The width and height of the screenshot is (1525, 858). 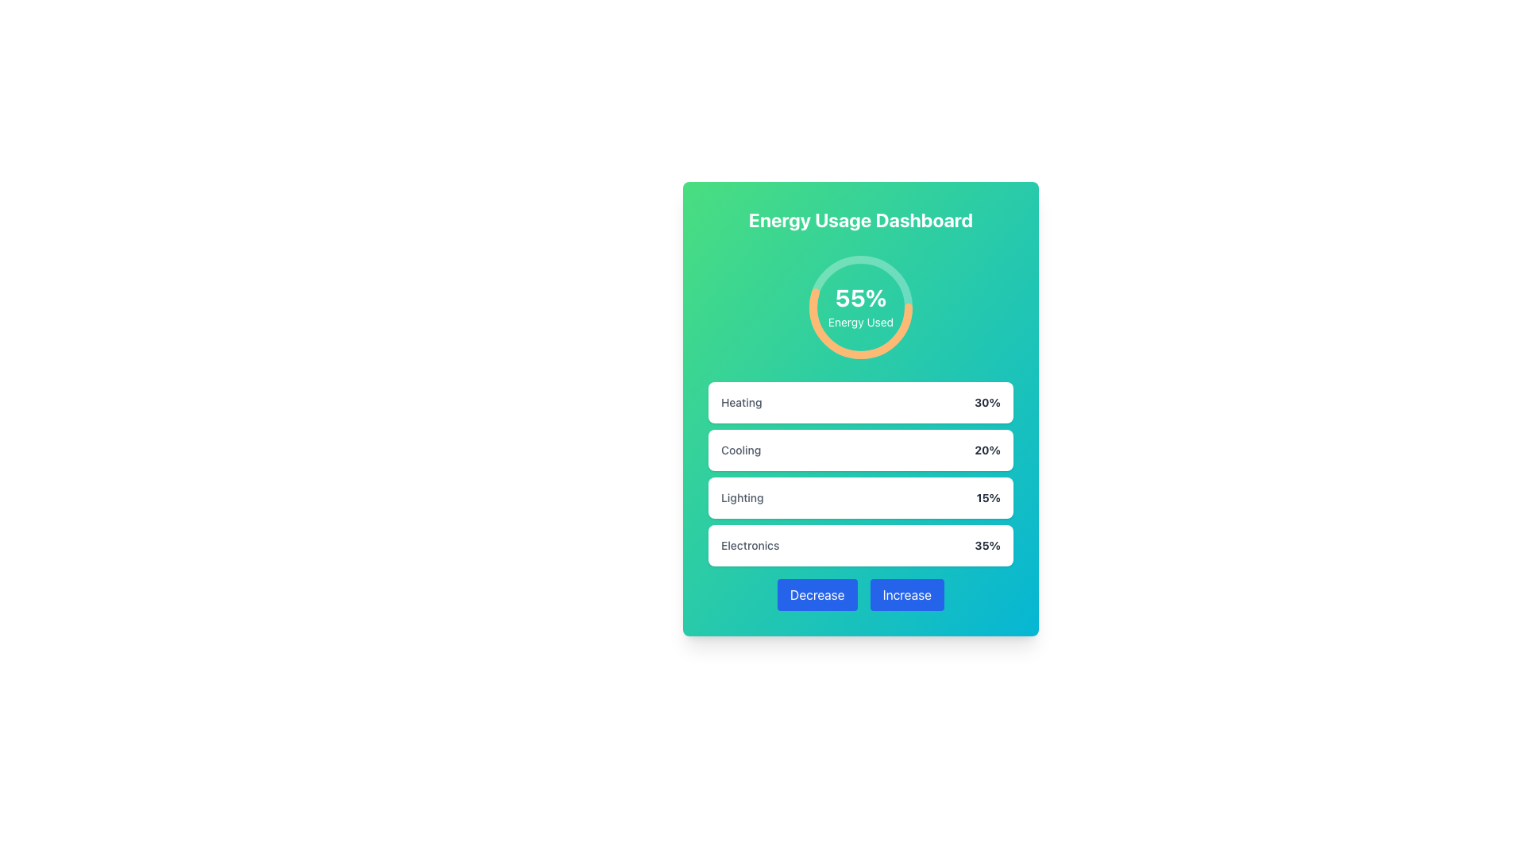 What do you see at coordinates (907, 594) in the screenshot?
I see `the 'Increase' button, which has a bright blue background and white text, located below the 'Electronics' row and to the right of the 'Decrease' button` at bounding box center [907, 594].